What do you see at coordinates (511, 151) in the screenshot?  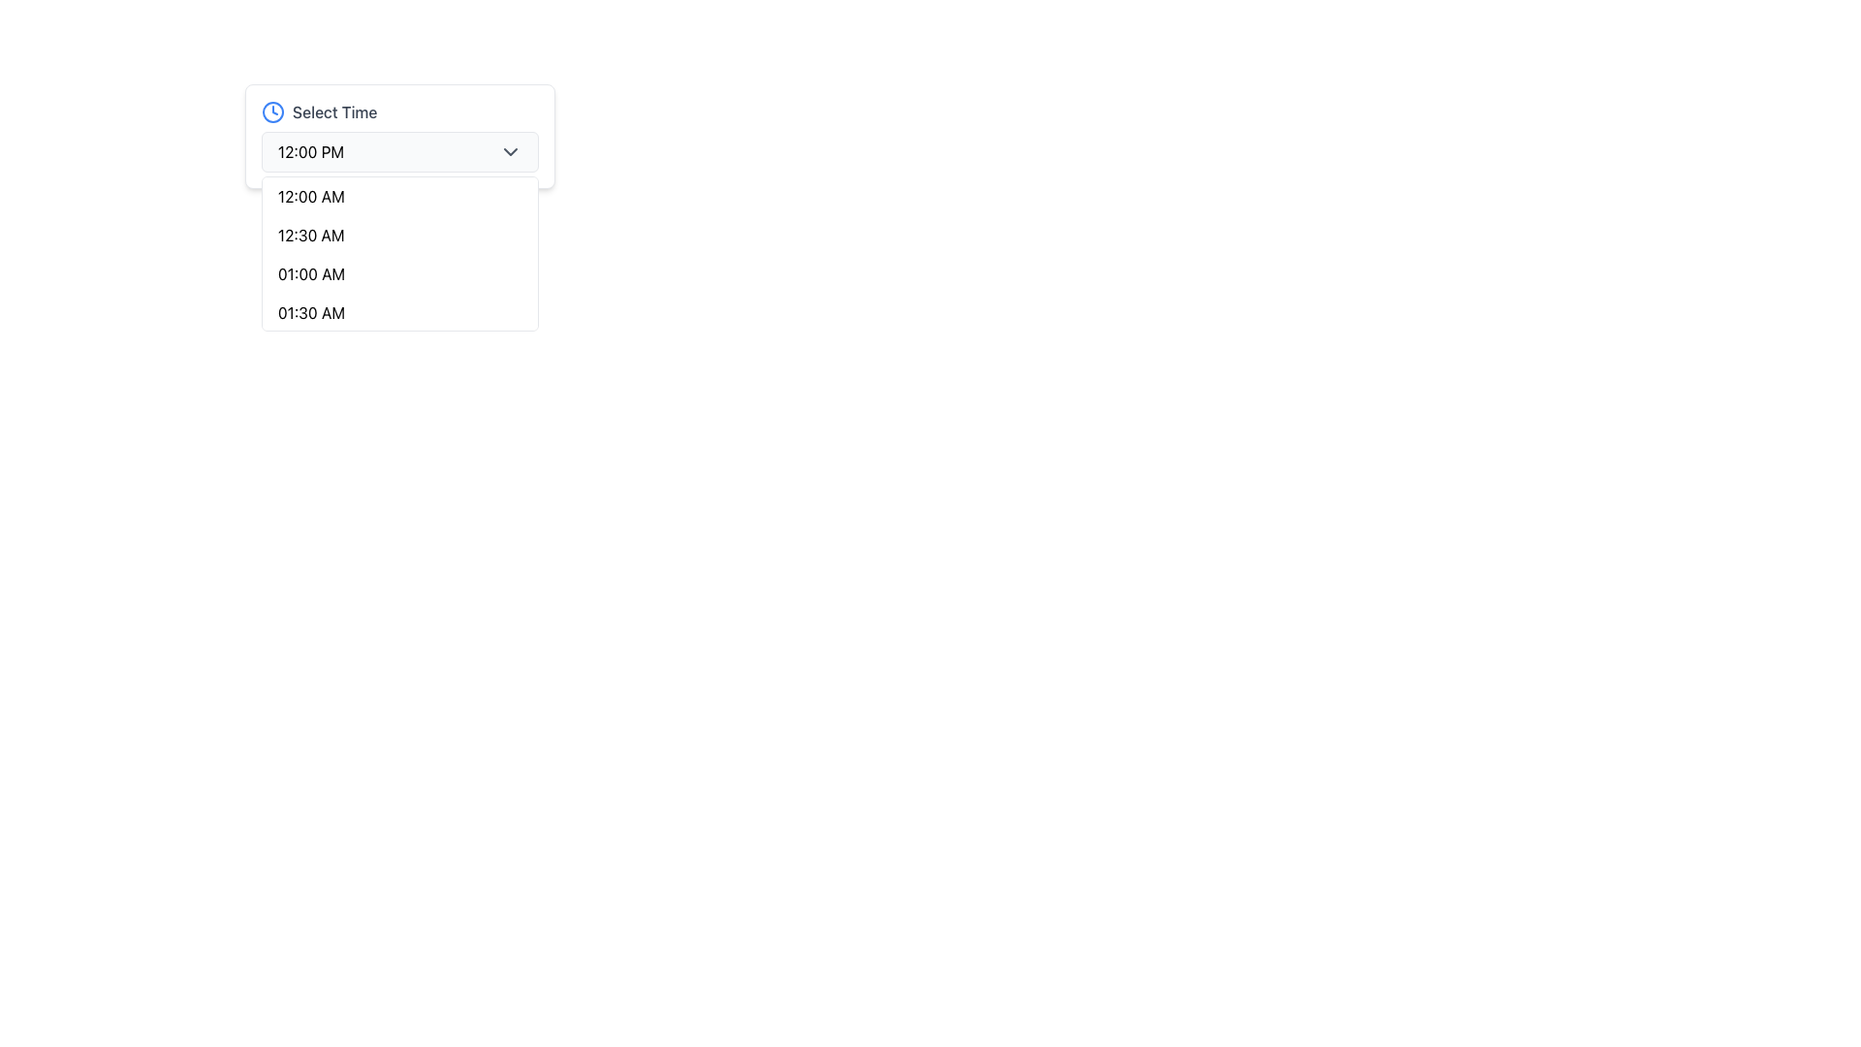 I see `the icon that serves as a visual indicator for expanding or collapsing the dropdown list for time selection, located at the far-right next to the displayed time value '12:00 PM'` at bounding box center [511, 151].